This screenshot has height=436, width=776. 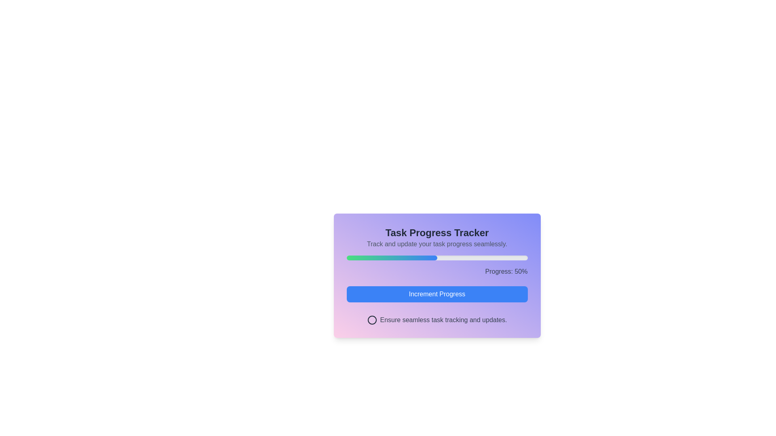 What do you see at coordinates (436, 258) in the screenshot?
I see `the horizontal progress bar within the 'Task Progress Tracker' card, which has a gray background and a gradient-filled segment indicating 50% progress` at bounding box center [436, 258].